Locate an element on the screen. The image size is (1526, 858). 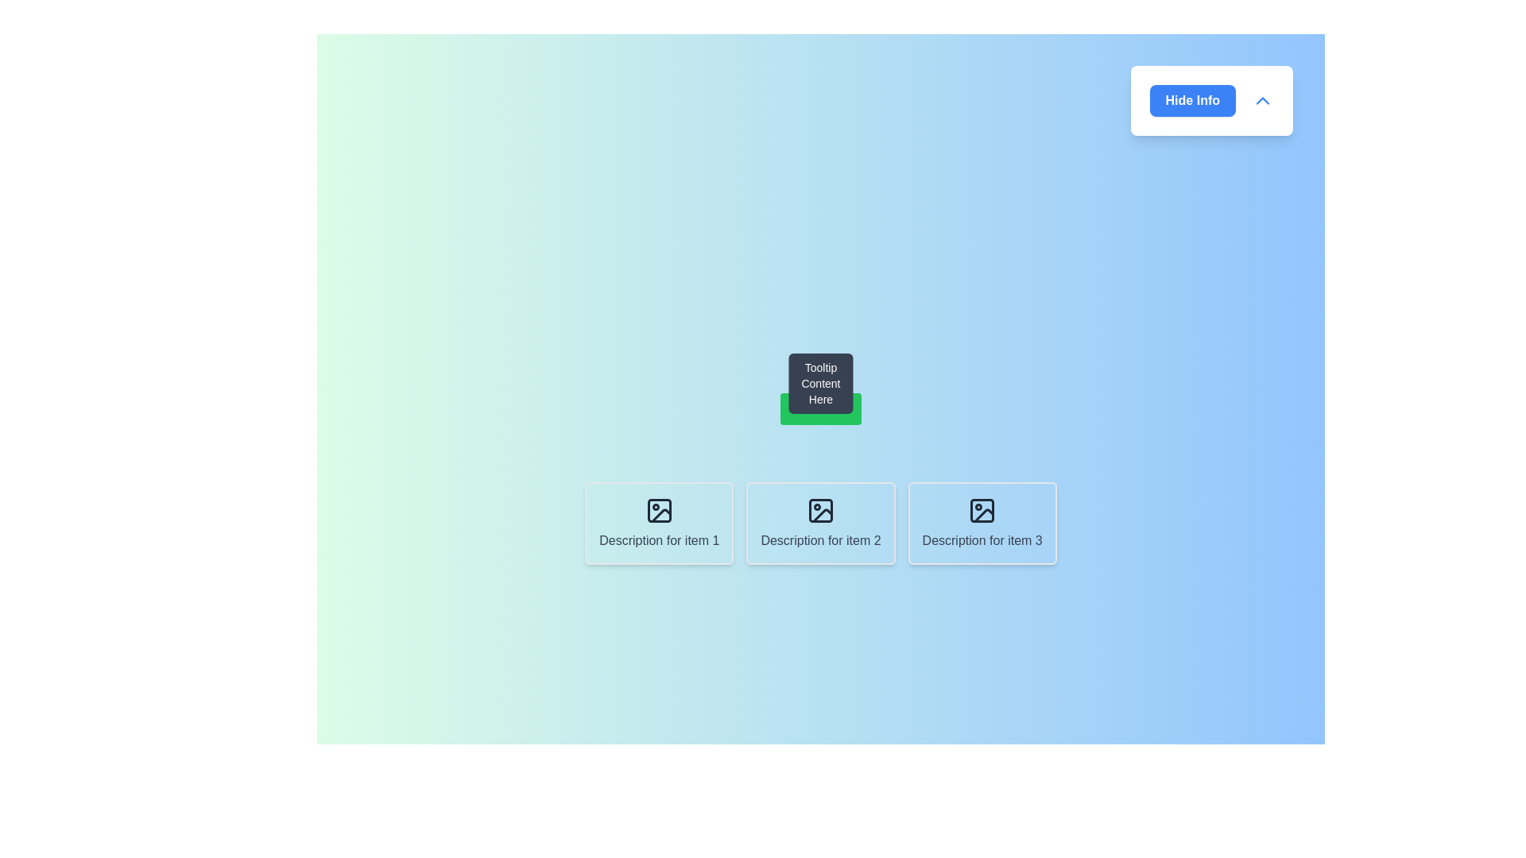
the image placeholder/icon, which is a square with rounded corners is located at coordinates (982, 511).